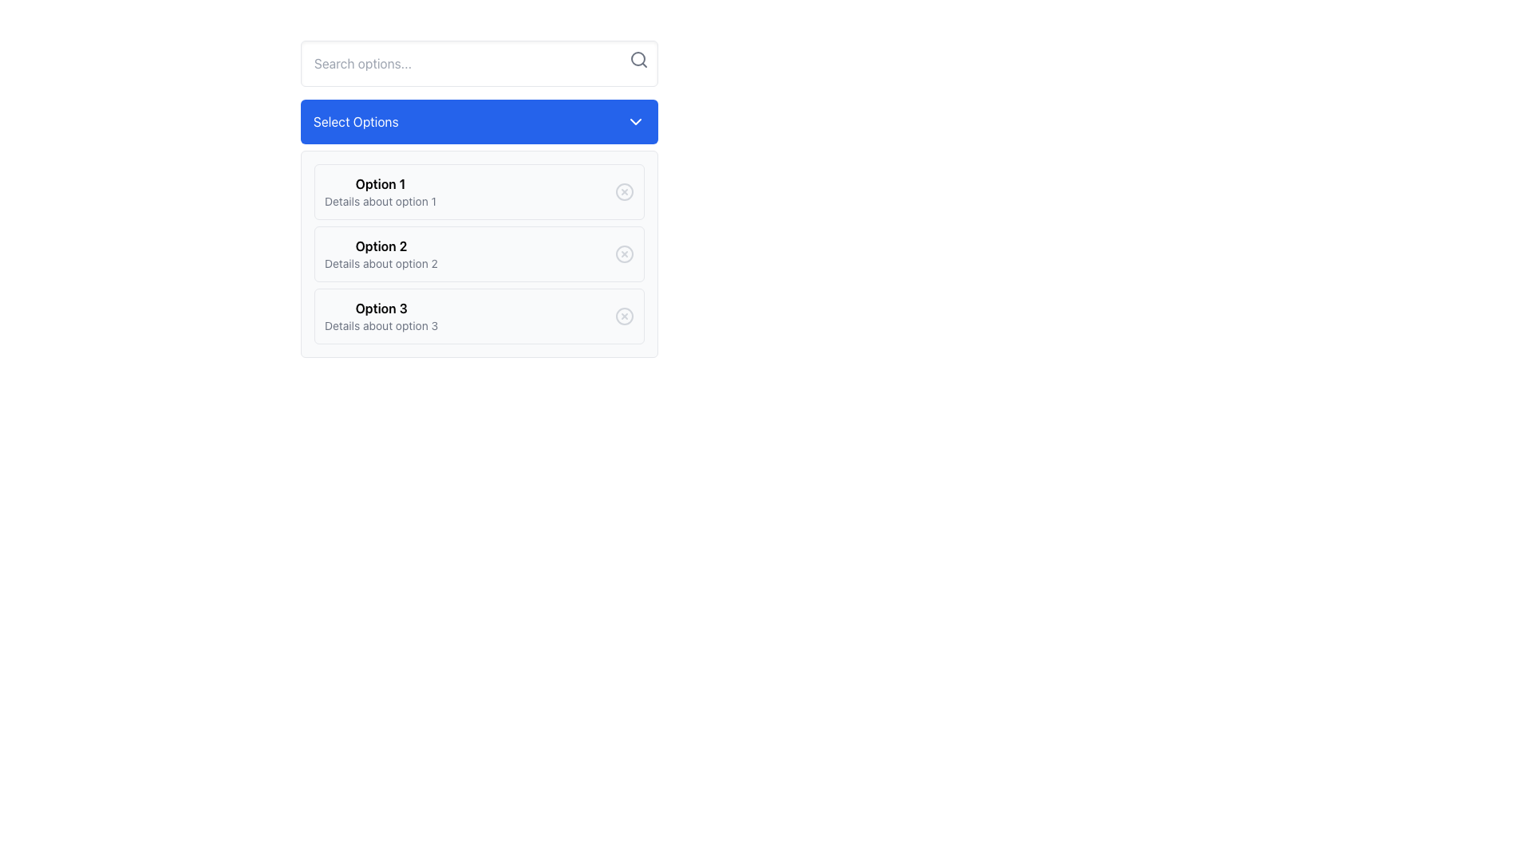 This screenshot has width=1532, height=861. Describe the element at coordinates (478, 191) in the screenshot. I see `the topmost selectable list item labeled 'Option 1'` at that location.